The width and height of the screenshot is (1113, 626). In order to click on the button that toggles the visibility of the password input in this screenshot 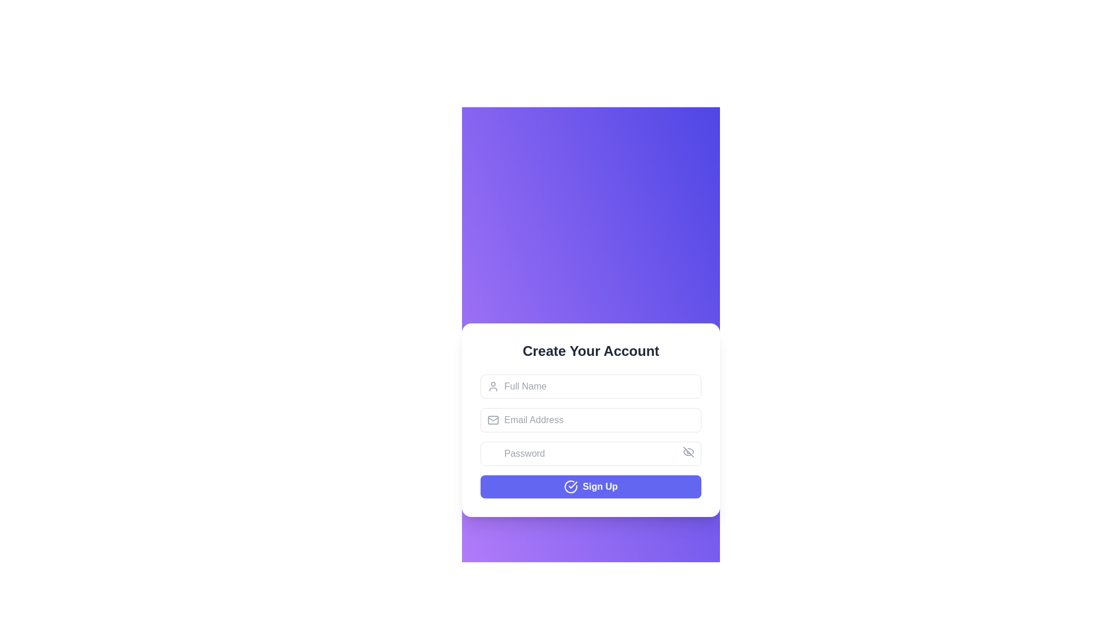, I will do `click(689, 451)`.